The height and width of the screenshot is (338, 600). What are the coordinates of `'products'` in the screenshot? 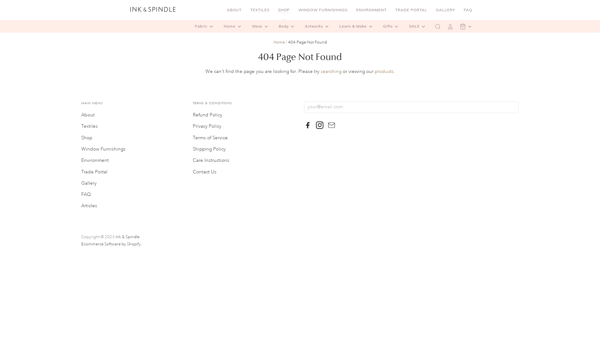 It's located at (383, 71).